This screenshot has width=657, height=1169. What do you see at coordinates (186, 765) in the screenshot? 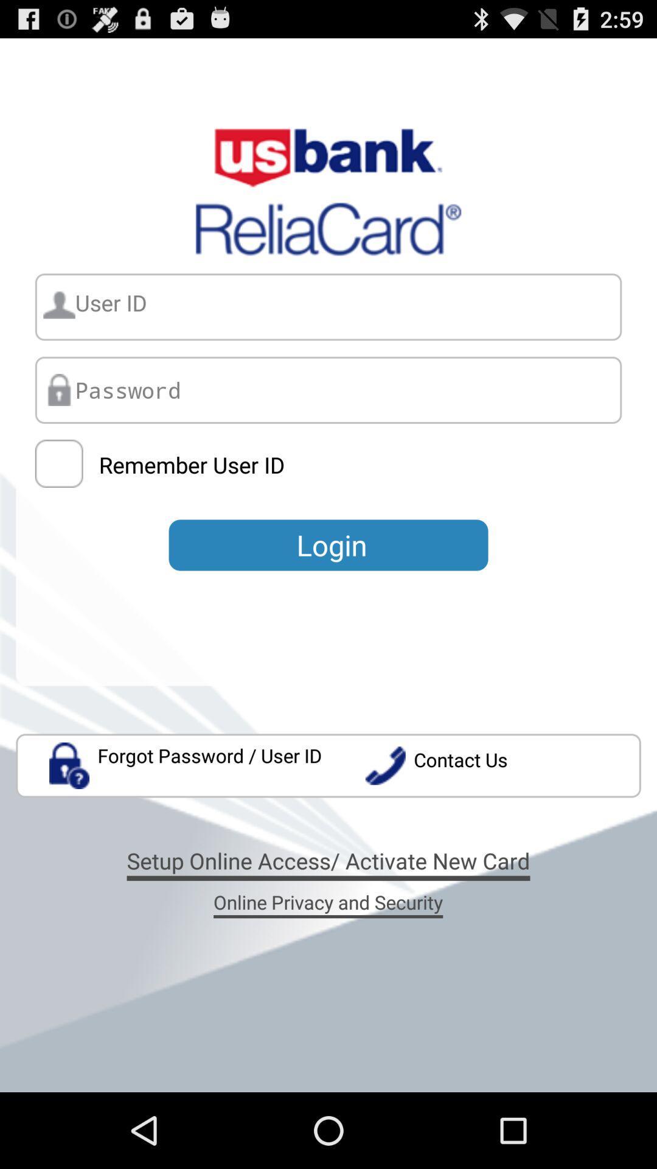
I see `the app above the setup online access icon` at bounding box center [186, 765].